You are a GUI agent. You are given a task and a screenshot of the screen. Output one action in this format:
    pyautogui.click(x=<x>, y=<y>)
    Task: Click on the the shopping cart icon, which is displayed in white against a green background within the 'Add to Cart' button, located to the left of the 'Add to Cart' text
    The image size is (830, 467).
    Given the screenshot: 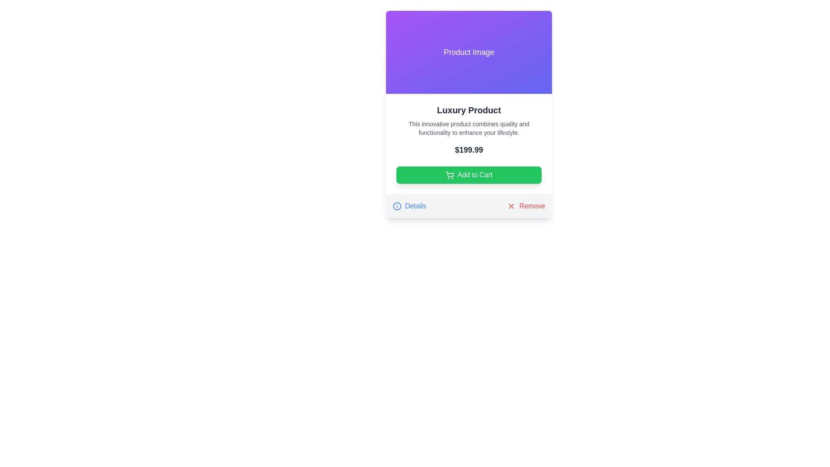 What is the action you would take?
    pyautogui.click(x=450, y=175)
    